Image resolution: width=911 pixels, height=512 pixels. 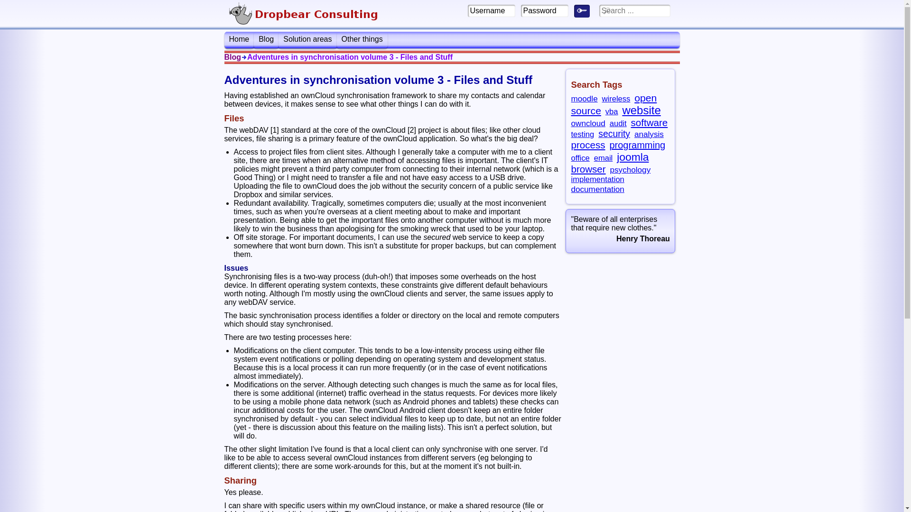 What do you see at coordinates (632, 156) in the screenshot?
I see `'joomla'` at bounding box center [632, 156].